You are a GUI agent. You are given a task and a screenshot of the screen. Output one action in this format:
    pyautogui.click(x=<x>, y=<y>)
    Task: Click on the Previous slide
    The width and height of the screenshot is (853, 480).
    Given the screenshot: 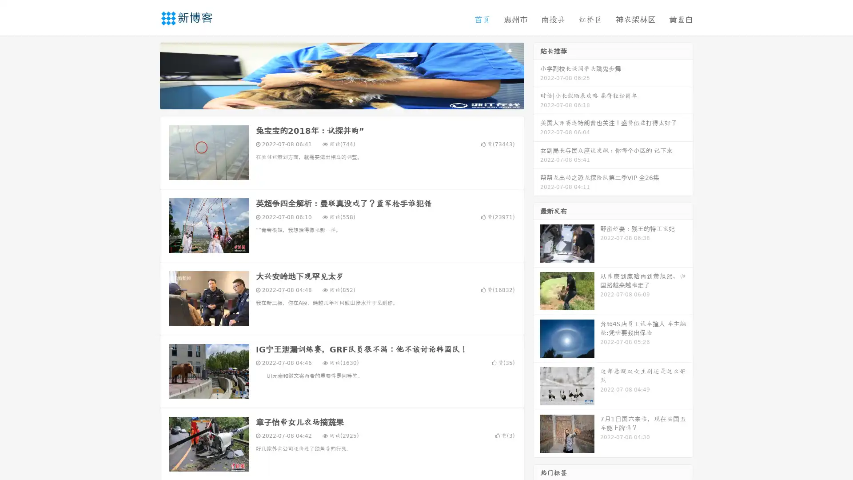 What is the action you would take?
    pyautogui.click(x=147, y=75)
    